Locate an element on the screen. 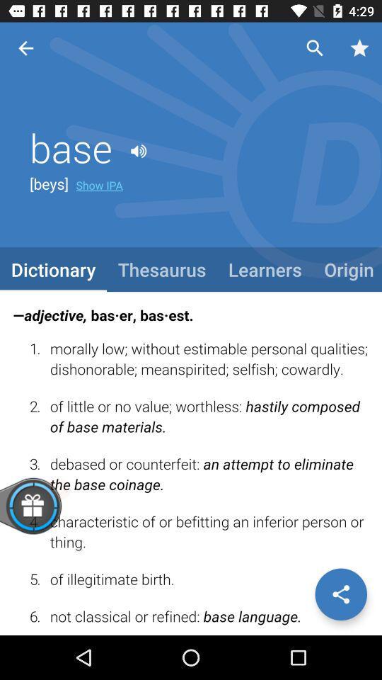 The image size is (382, 680). the text which is to the right of beys is located at coordinates (98, 184).